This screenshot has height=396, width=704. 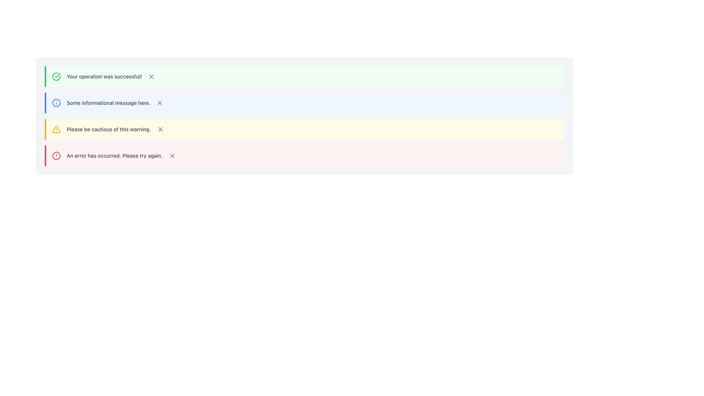 What do you see at coordinates (151, 76) in the screenshot?
I see `the close icon button located in the top-right corner of the green alert box` at bounding box center [151, 76].